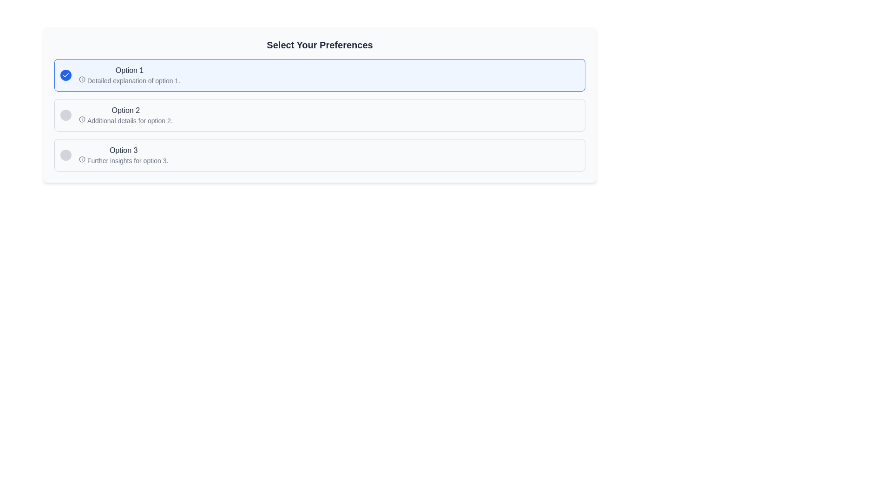  I want to click on the circular radio button with a gray background located in the left margin of the 'Option 3' row, so click(66, 155).